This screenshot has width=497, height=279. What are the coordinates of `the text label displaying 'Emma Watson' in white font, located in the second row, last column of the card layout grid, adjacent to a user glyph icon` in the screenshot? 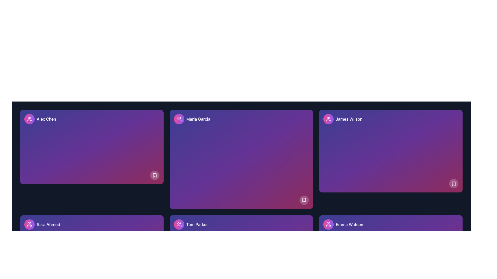 It's located at (349, 224).